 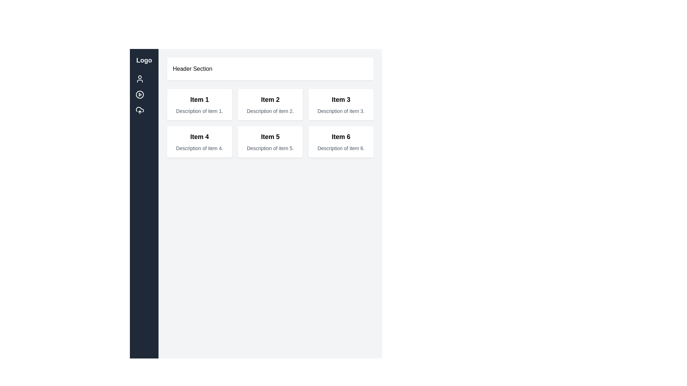 What do you see at coordinates (140, 110) in the screenshot?
I see `the cloud-shaped icon with an upward arrow in the sidebar` at bounding box center [140, 110].